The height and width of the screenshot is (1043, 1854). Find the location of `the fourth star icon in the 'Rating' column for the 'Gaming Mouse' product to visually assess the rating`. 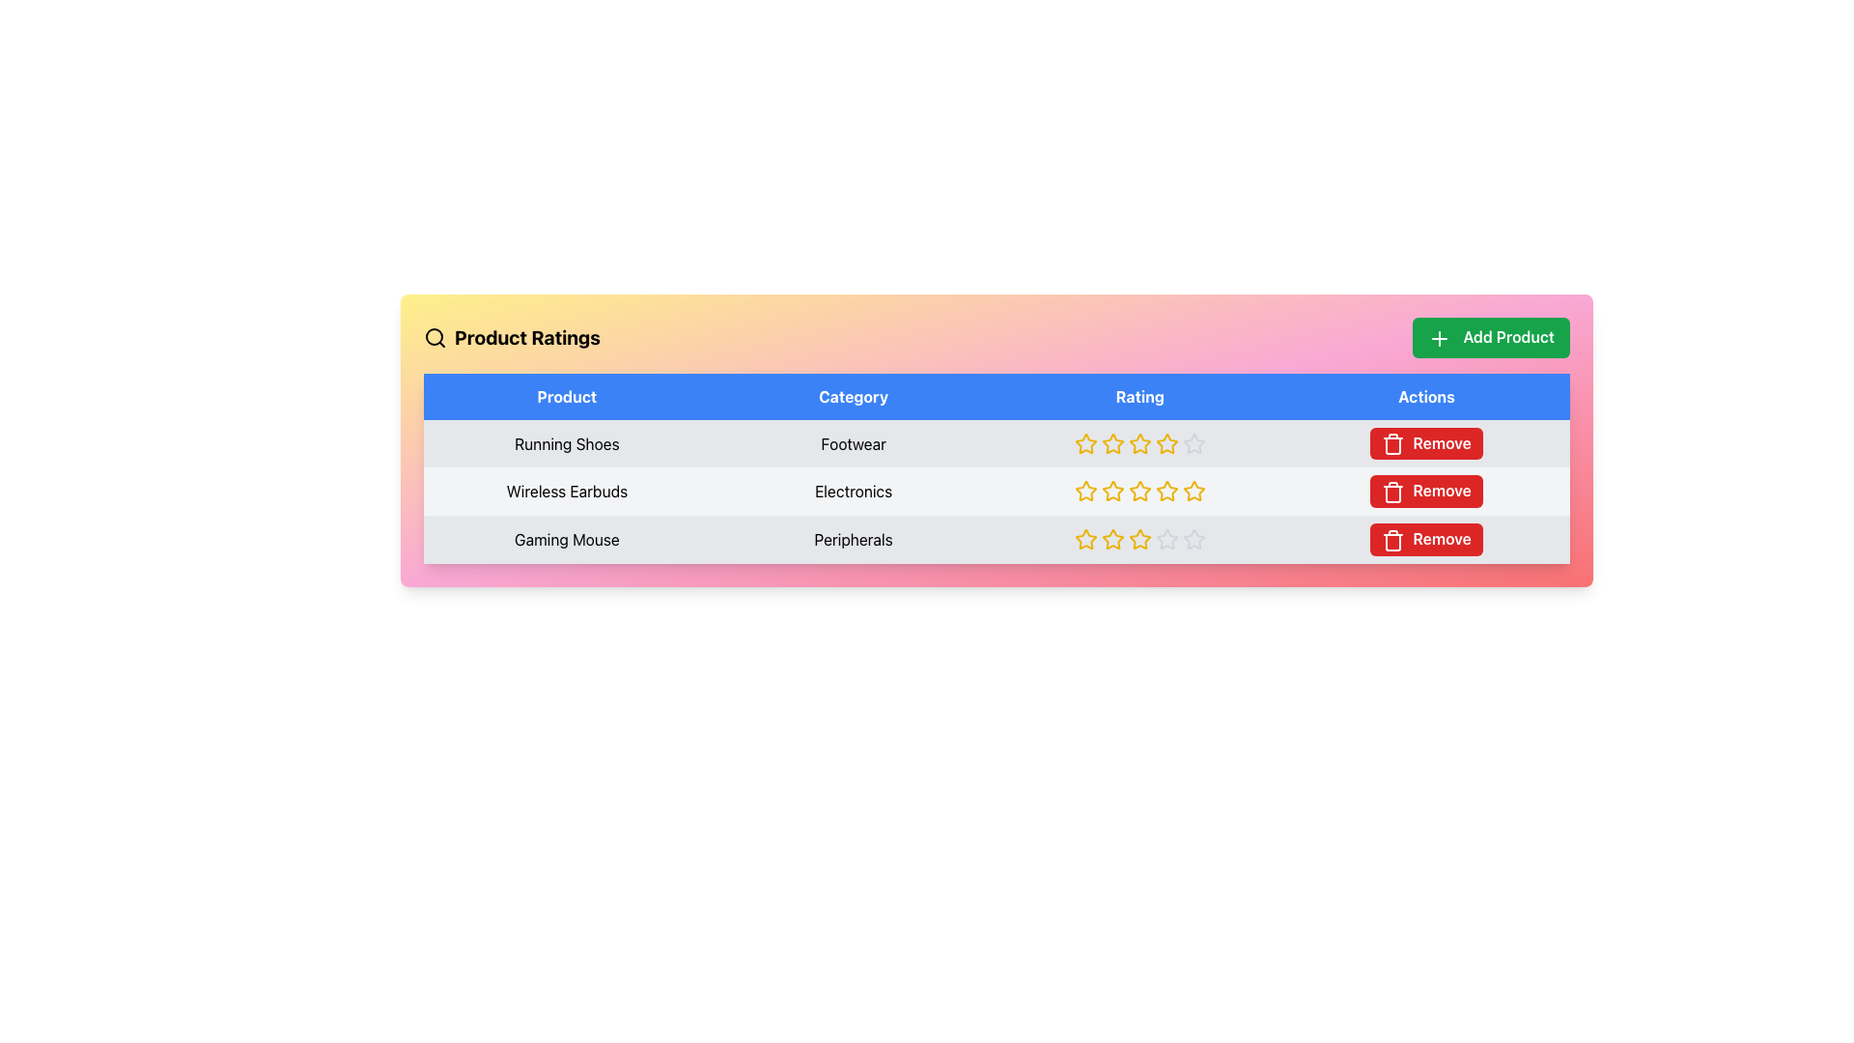

the fourth star icon in the 'Rating' column for the 'Gaming Mouse' product to visually assess the rating is located at coordinates (1139, 540).